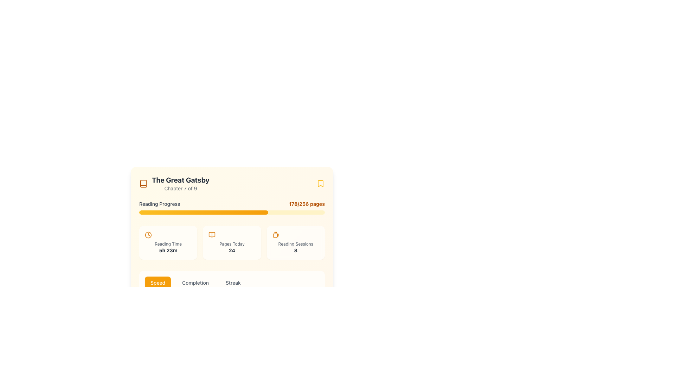  I want to click on the text label displaying 'The Great Gatsby', which is styled in bold dark gray and positioned above 'Chapter 7 of 9', so click(180, 180).